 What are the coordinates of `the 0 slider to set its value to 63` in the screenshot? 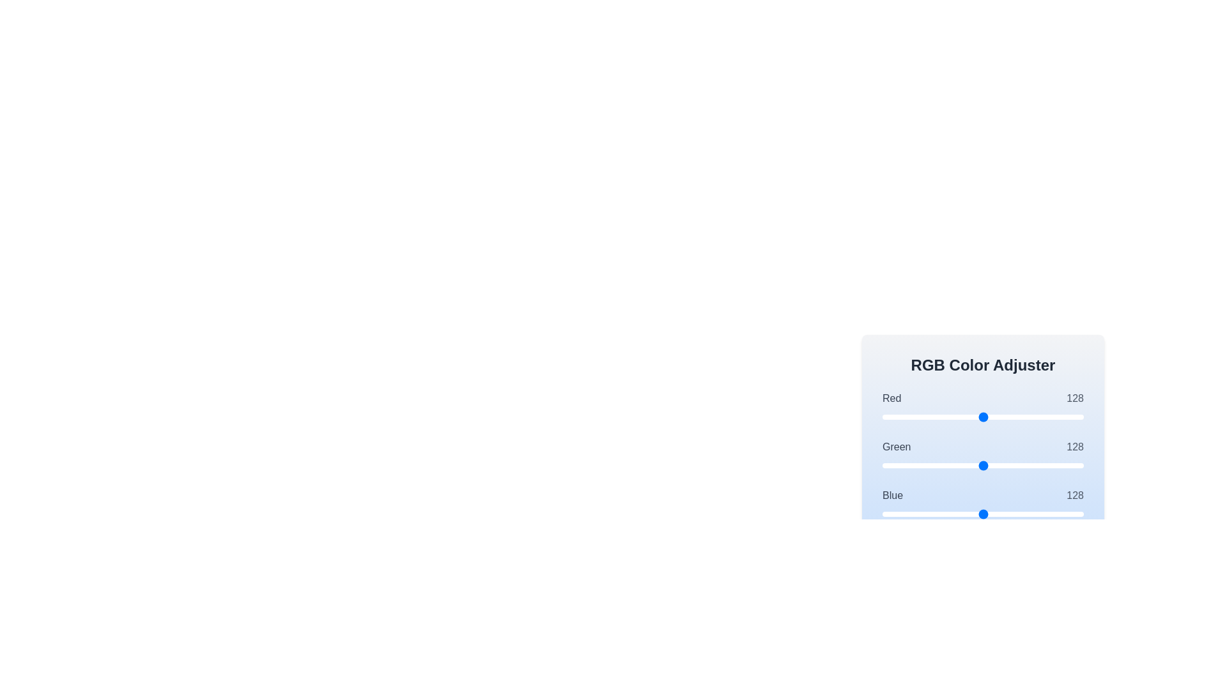 It's located at (932, 417).